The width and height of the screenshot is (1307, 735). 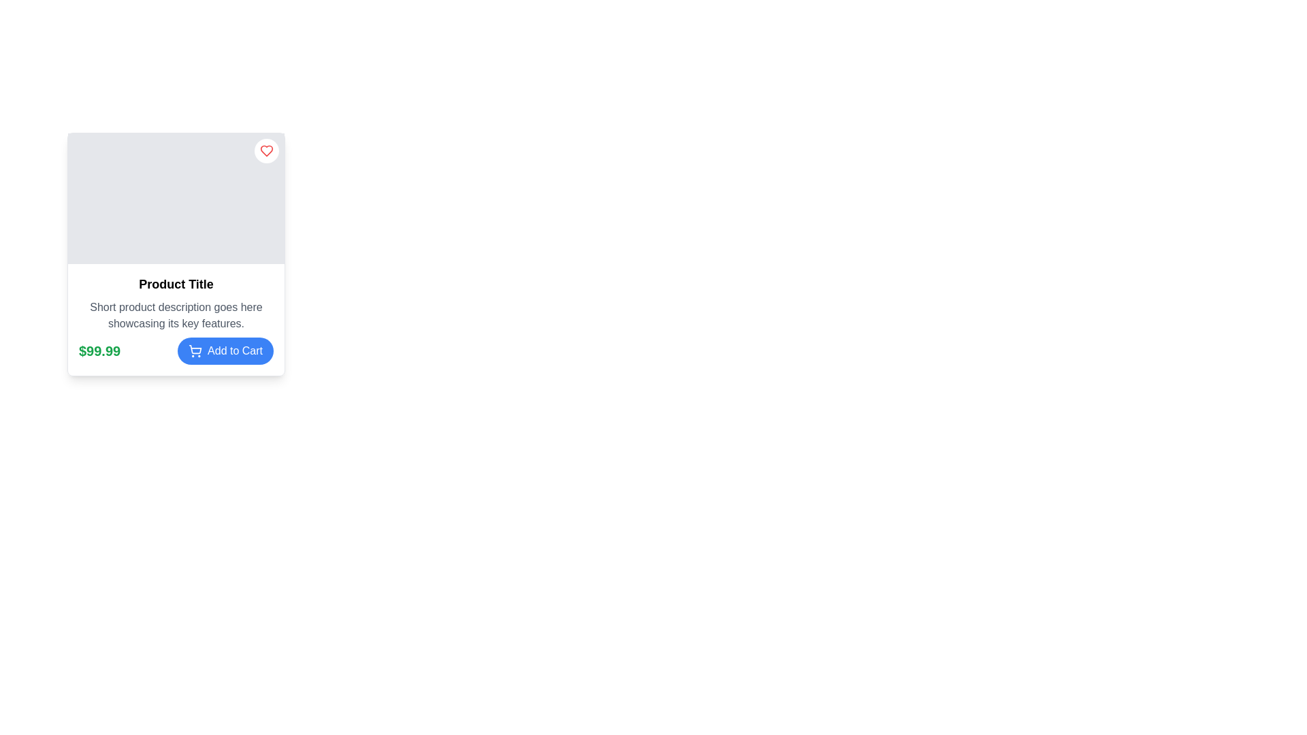 What do you see at coordinates (195, 350) in the screenshot?
I see `the small shopping cart icon with a blue background and white stroke details` at bounding box center [195, 350].